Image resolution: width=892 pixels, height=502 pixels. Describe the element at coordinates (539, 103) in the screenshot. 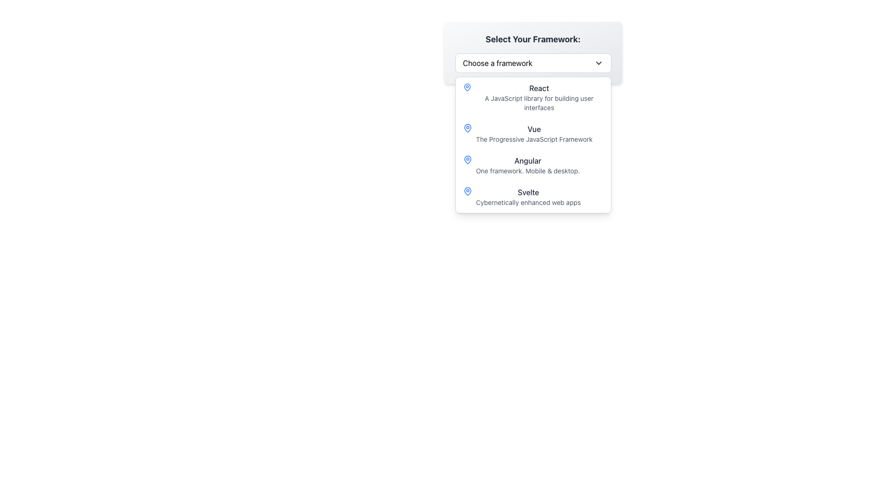

I see `descriptive text 'A JavaScript library for building user interfaces' located below the 'React' heading in the dropdown list` at that location.